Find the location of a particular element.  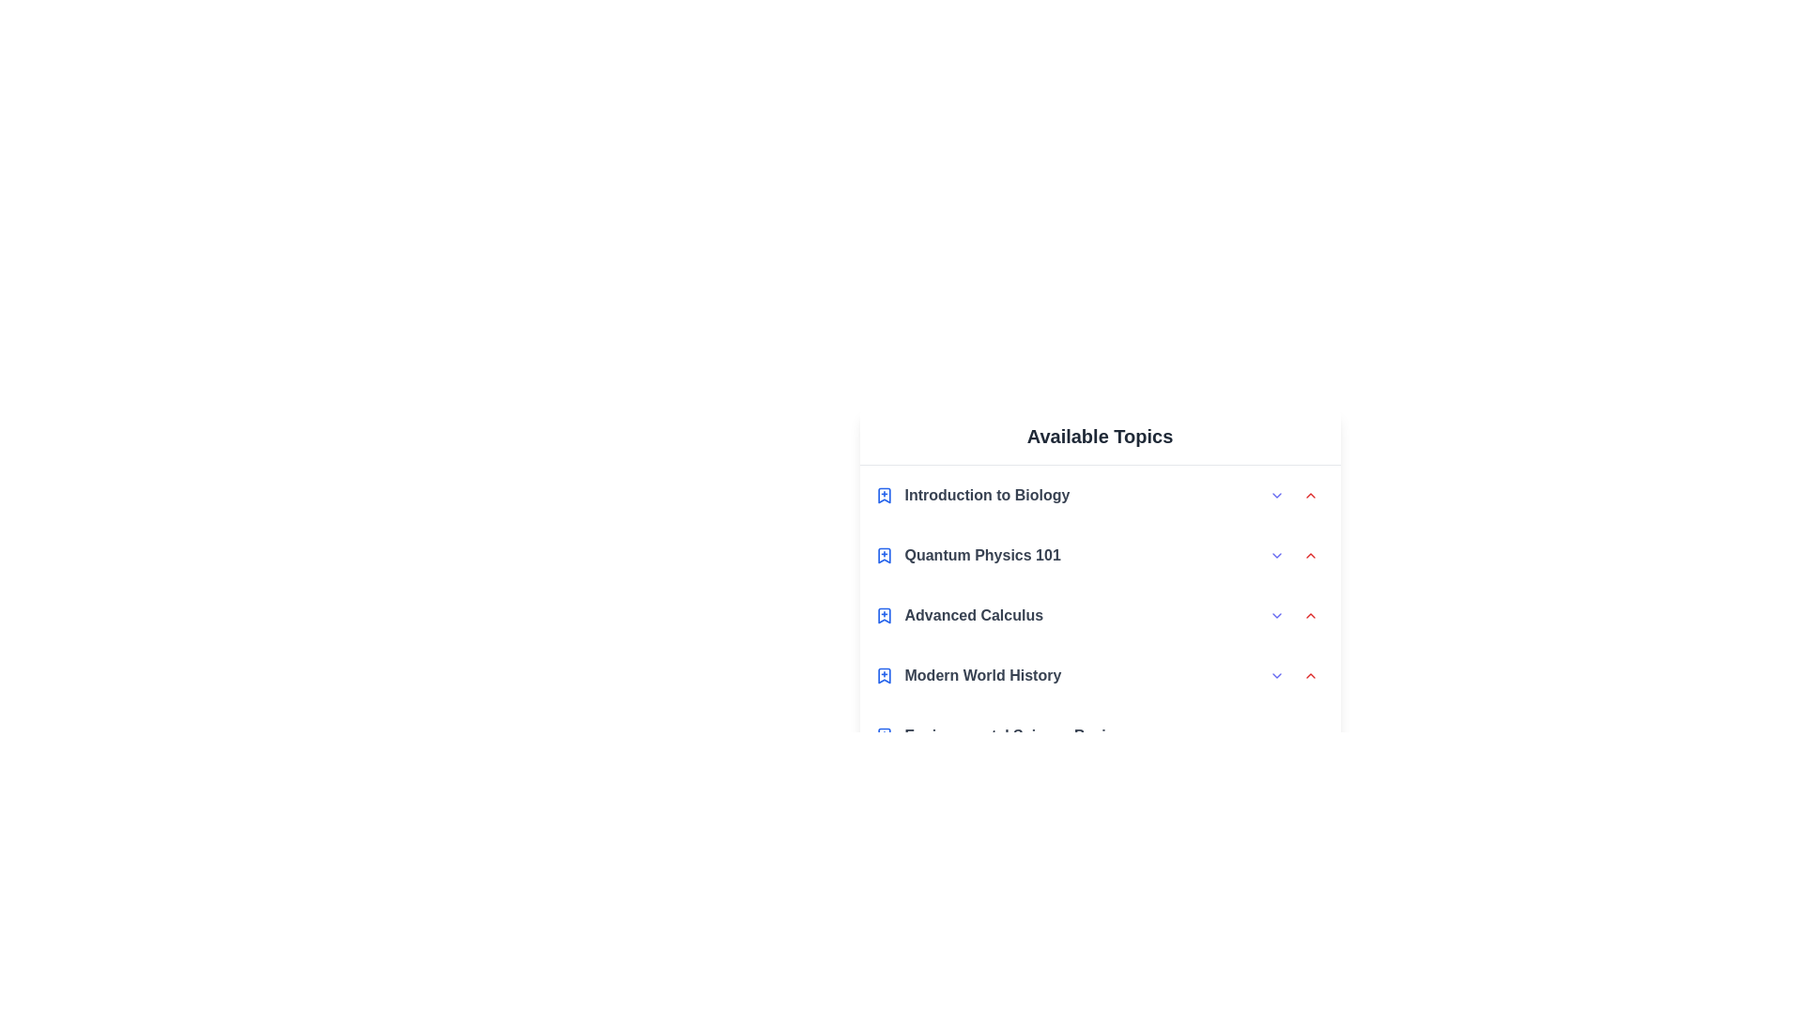

the collapse arrow for the topic Introduction to Biology is located at coordinates (1309, 495).